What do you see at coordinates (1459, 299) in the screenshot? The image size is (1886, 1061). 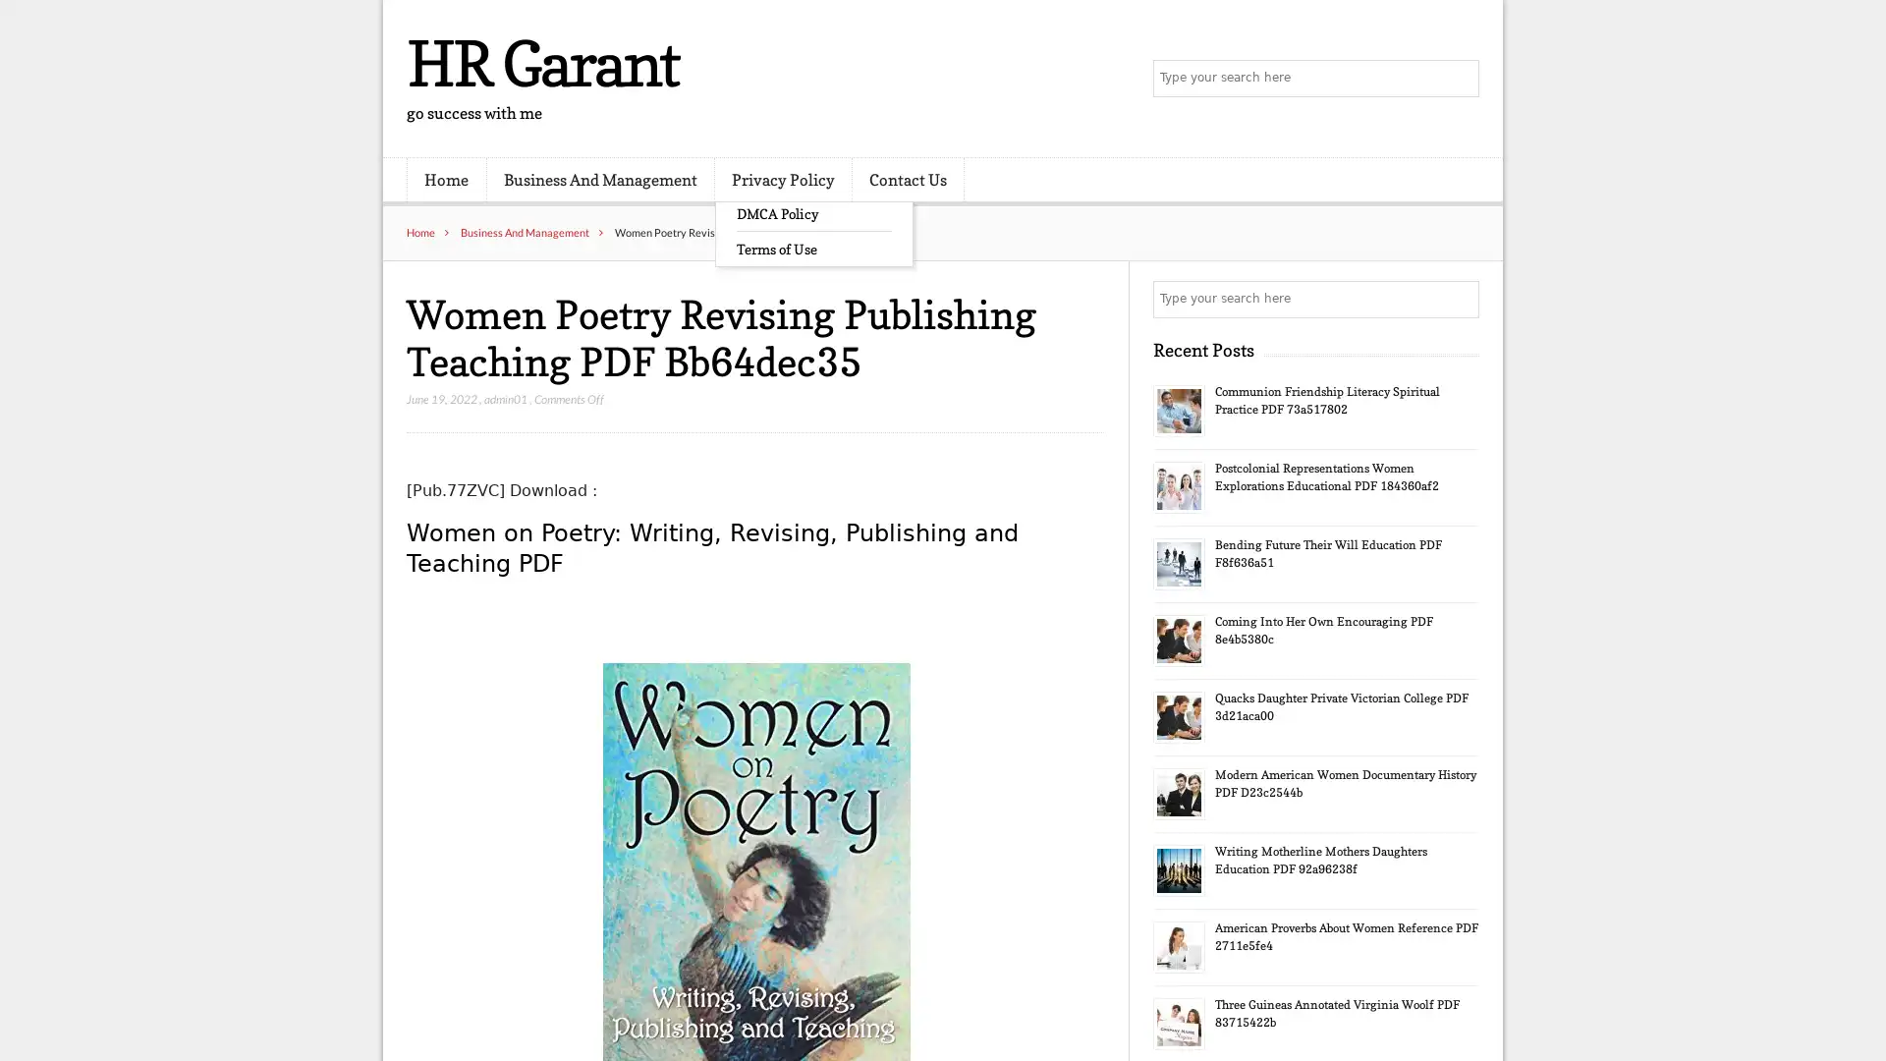 I see `Search` at bounding box center [1459, 299].